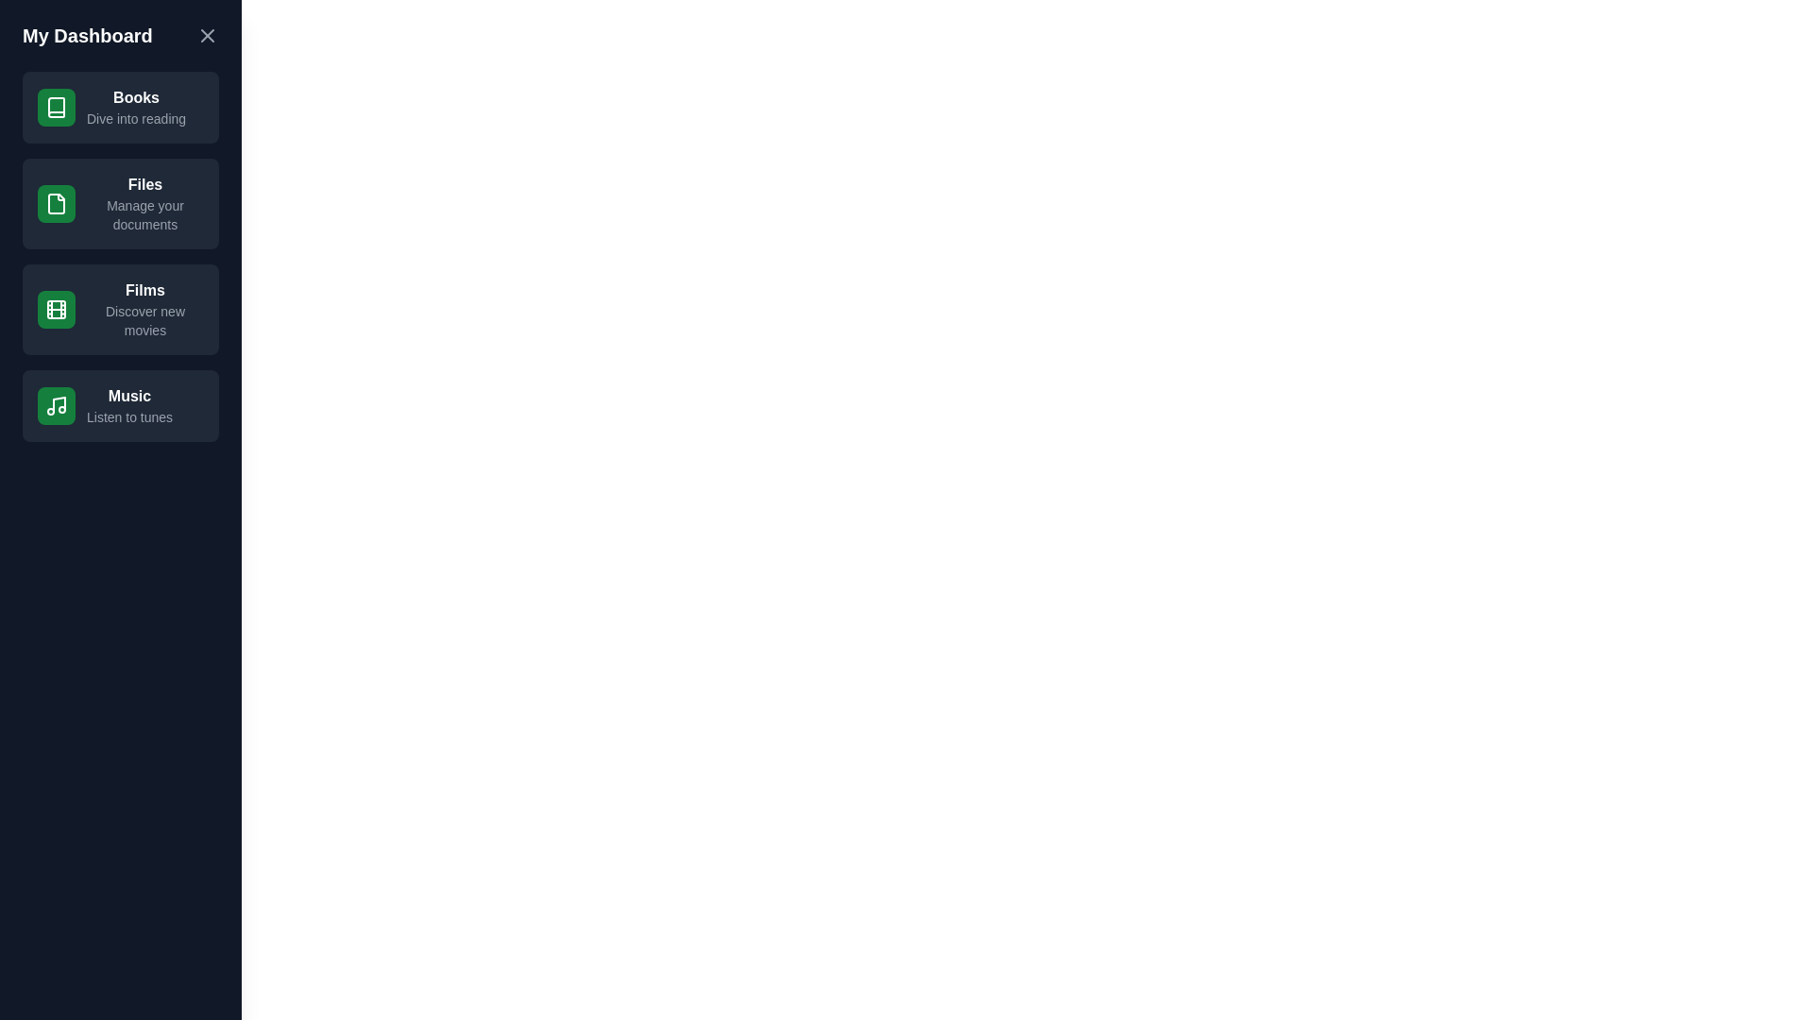 This screenshot has width=1813, height=1020. Describe the element at coordinates (120, 204) in the screenshot. I see `the 'Files' item in the dashboard drawer to navigate to the 'Files' section` at that location.